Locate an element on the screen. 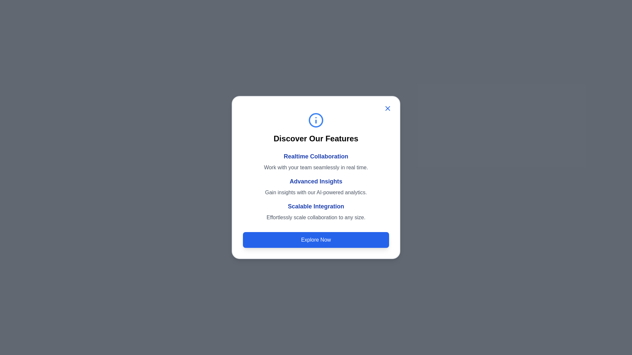 The image size is (632, 355). the 'Advanced Insights' text block, which features a bold, blue title and a gray description, located within a white modal on a gray background is located at coordinates (316, 186).